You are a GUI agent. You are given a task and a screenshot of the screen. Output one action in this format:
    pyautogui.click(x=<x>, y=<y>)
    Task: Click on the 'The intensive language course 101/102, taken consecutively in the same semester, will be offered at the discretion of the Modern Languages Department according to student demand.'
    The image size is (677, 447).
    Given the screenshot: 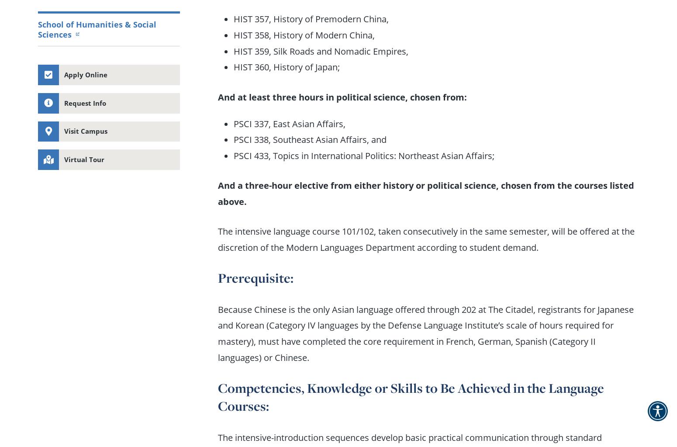 What is the action you would take?
    pyautogui.click(x=426, y=239)
    